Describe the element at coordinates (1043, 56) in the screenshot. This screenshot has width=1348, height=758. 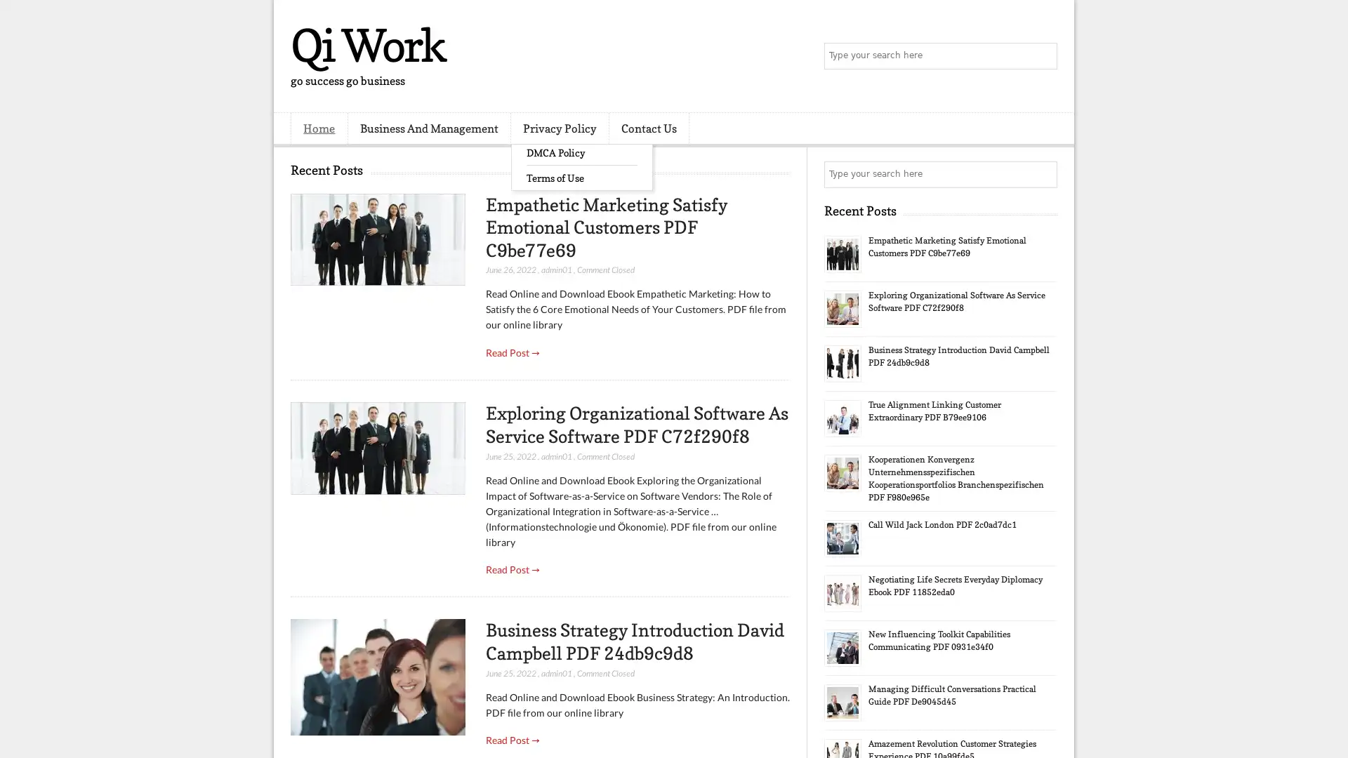
I see `Search` at that location.